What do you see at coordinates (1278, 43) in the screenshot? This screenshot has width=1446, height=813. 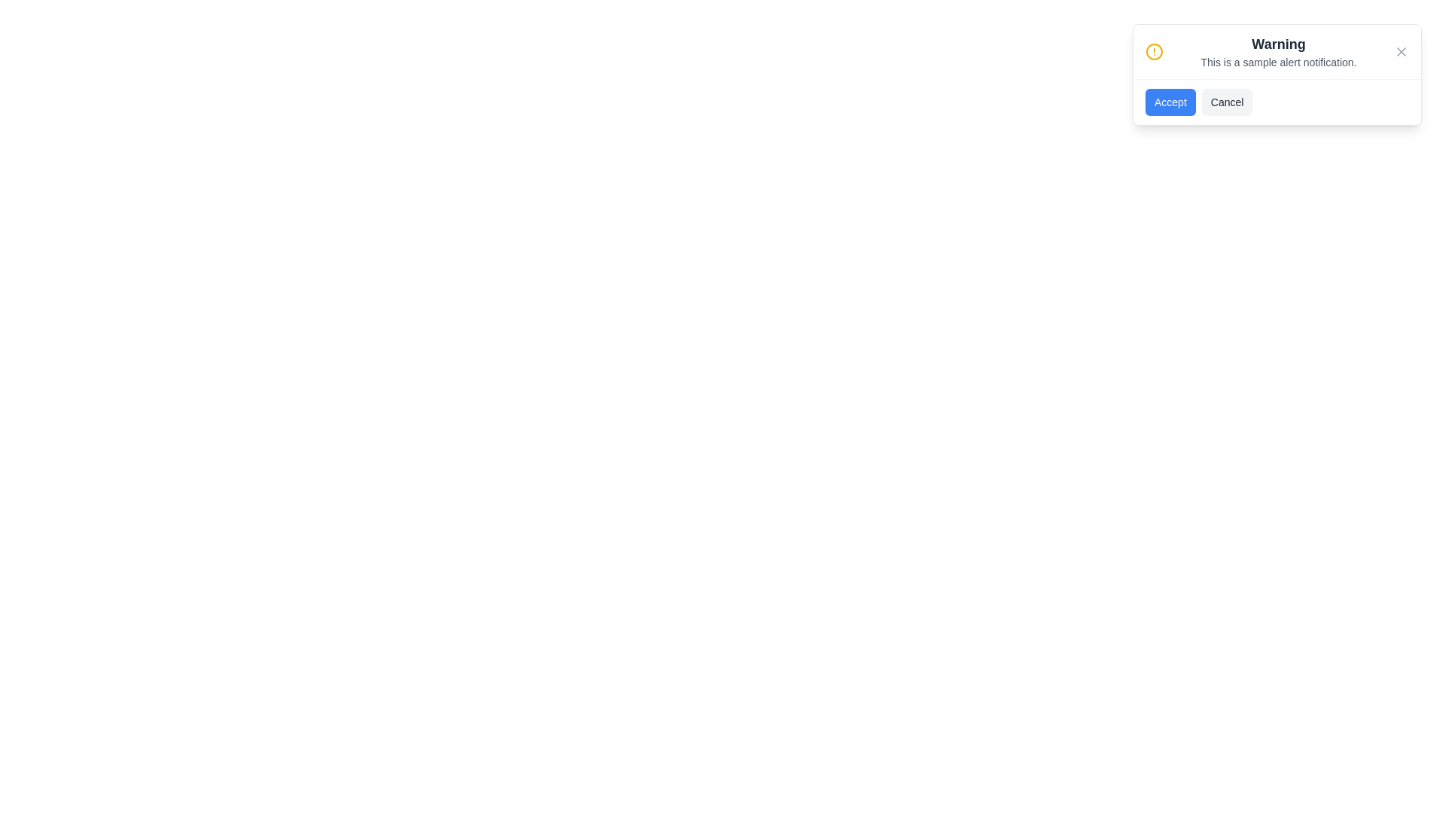 I see `the bold text label reading 'Warning' displayed in dark gray within the notification box, located at the top-right corner of the notification box` at bounding box center [1278, 43].